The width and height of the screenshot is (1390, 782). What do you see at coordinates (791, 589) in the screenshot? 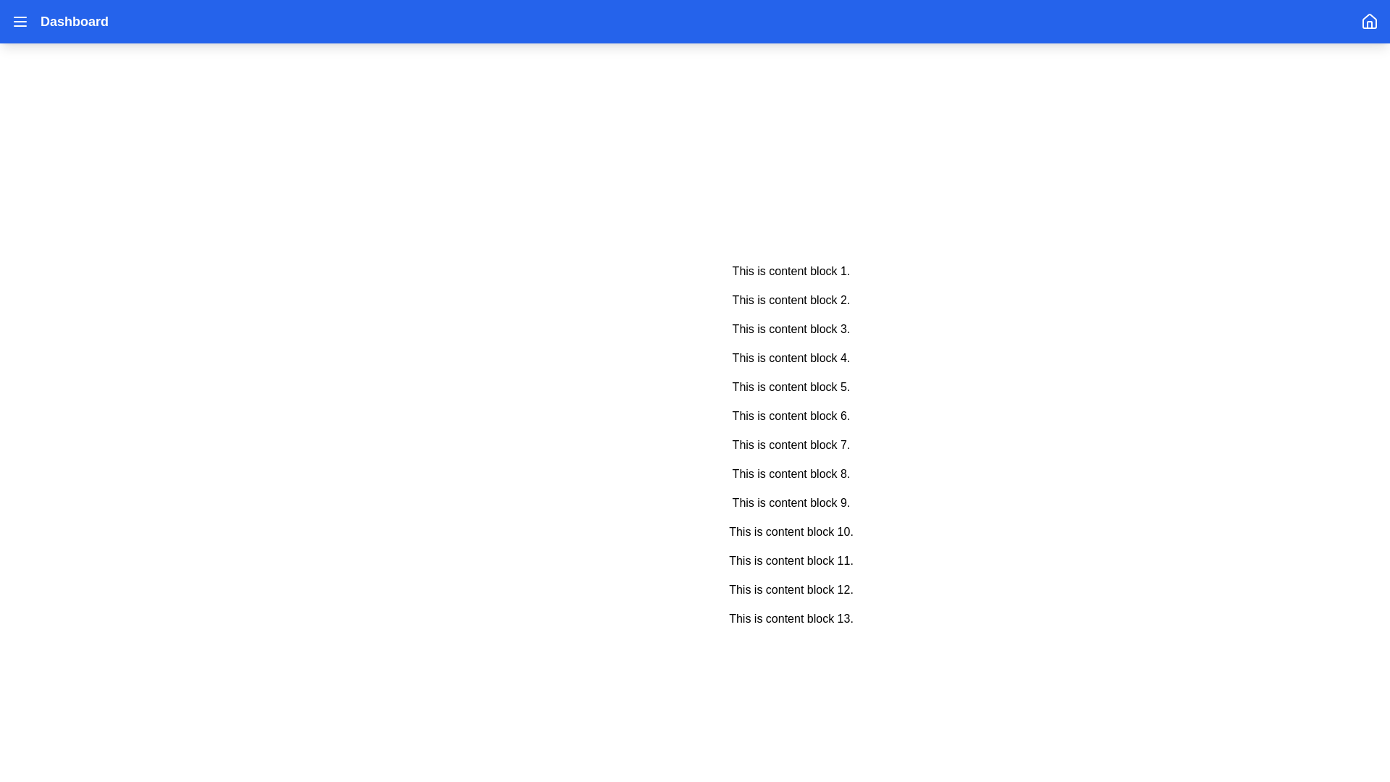
I see `the static text block displaying 'This is content block 12.' which is the twelfth item in the list` at bounding box center [791, 589].